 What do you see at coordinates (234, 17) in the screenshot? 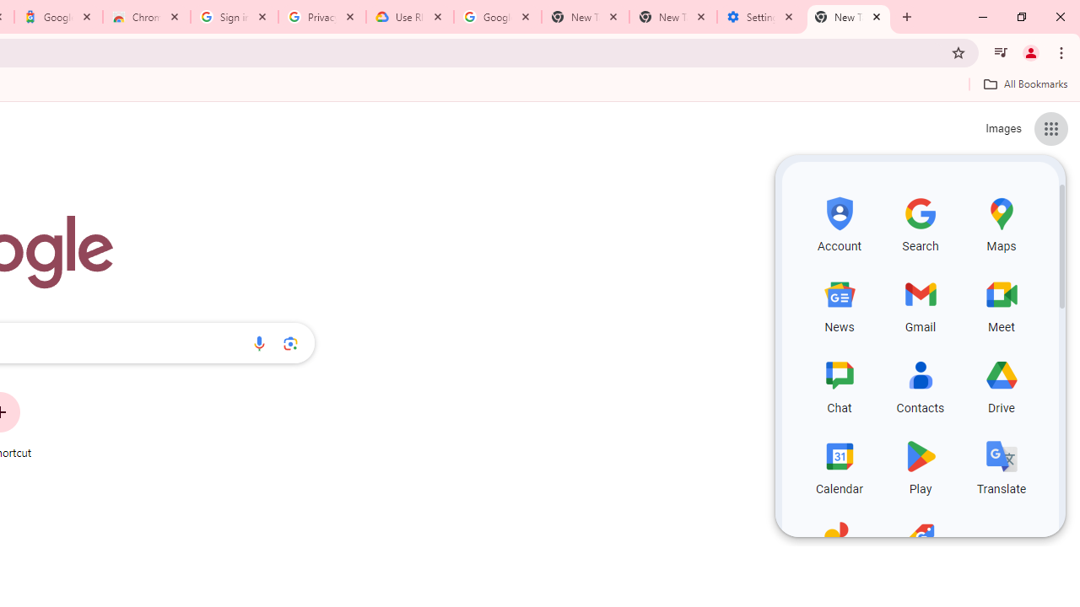
I see `'Sign in - Google Accounts'` at bounding box center [234, 17].